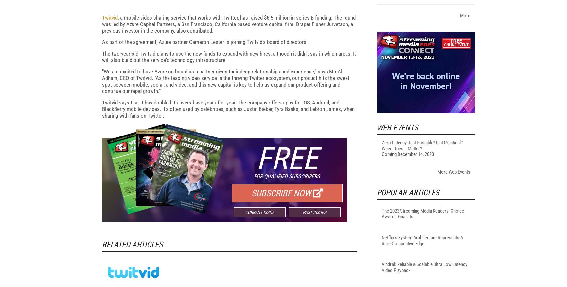 The height and width of the screenshot is (287, 567). What do you see at coordinates (397, 213) in the screenshot?
I see `'Web Events'` at bounding box center [397, 213].